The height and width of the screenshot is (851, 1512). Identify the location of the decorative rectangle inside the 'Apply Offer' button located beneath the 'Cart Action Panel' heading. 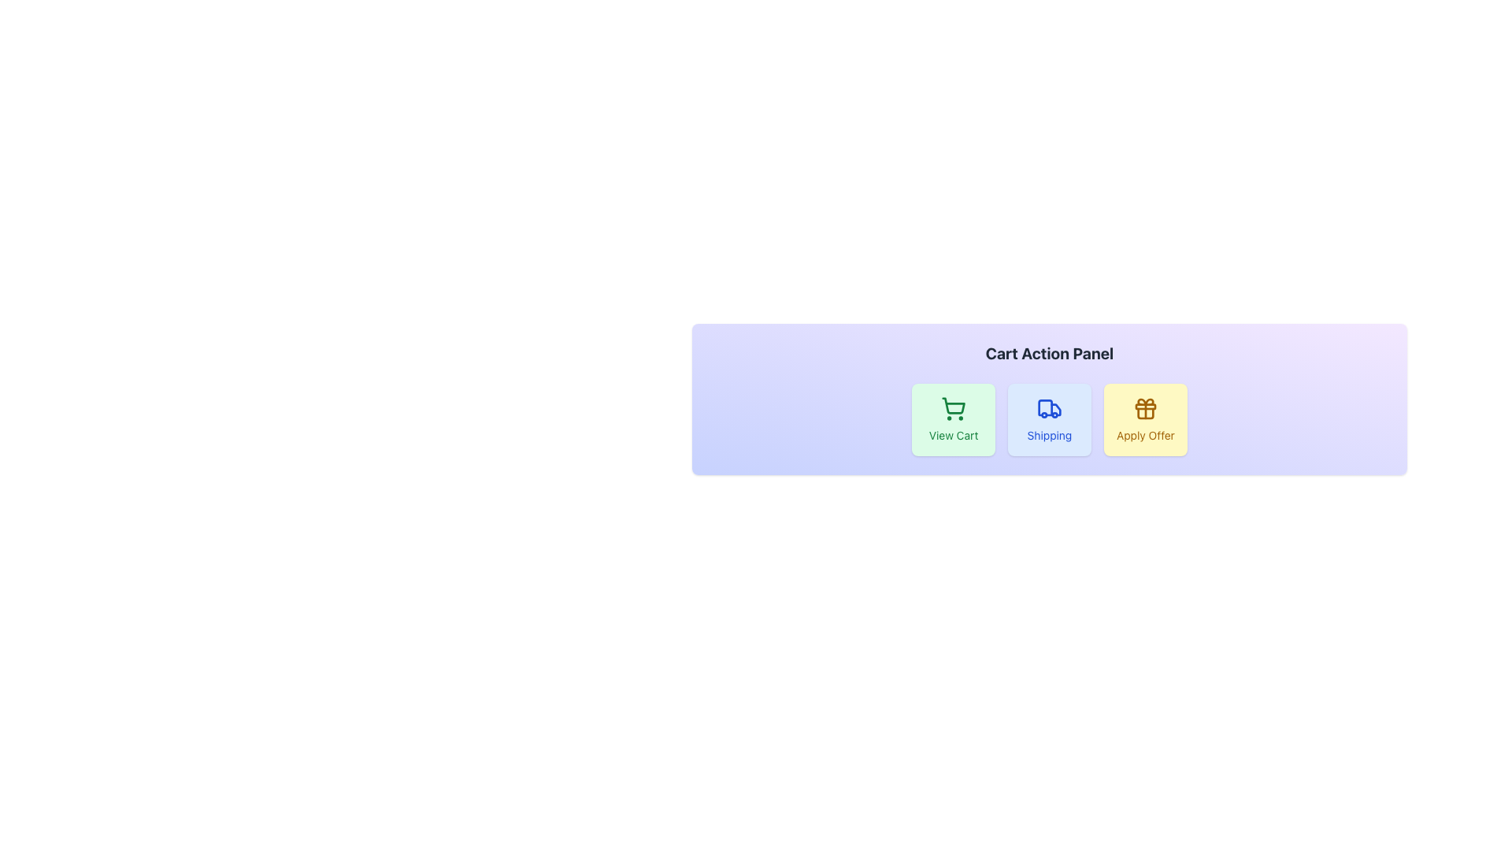
(1145, 406).